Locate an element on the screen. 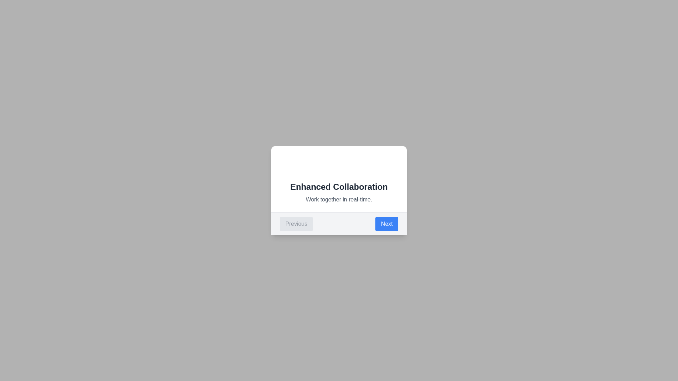  the disabled 'Previous' button located at the bottom left of the dialog box, adjacent to the 'Next' button with a blue background is located at coordinates (296, 224).